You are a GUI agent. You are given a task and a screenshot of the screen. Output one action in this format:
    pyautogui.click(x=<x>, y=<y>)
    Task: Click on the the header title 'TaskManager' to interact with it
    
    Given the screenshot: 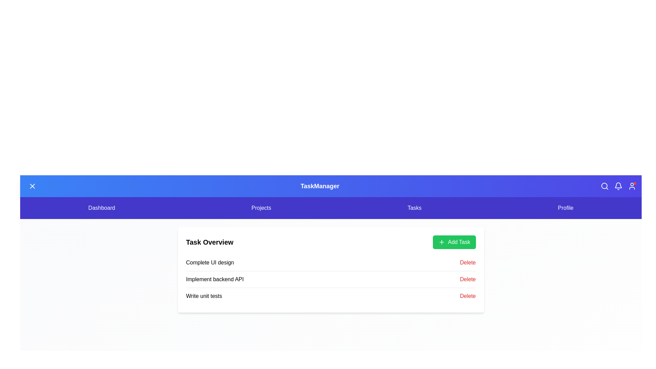 What is the action you would take?
    pyautogui.click(x=319, y=186)
    